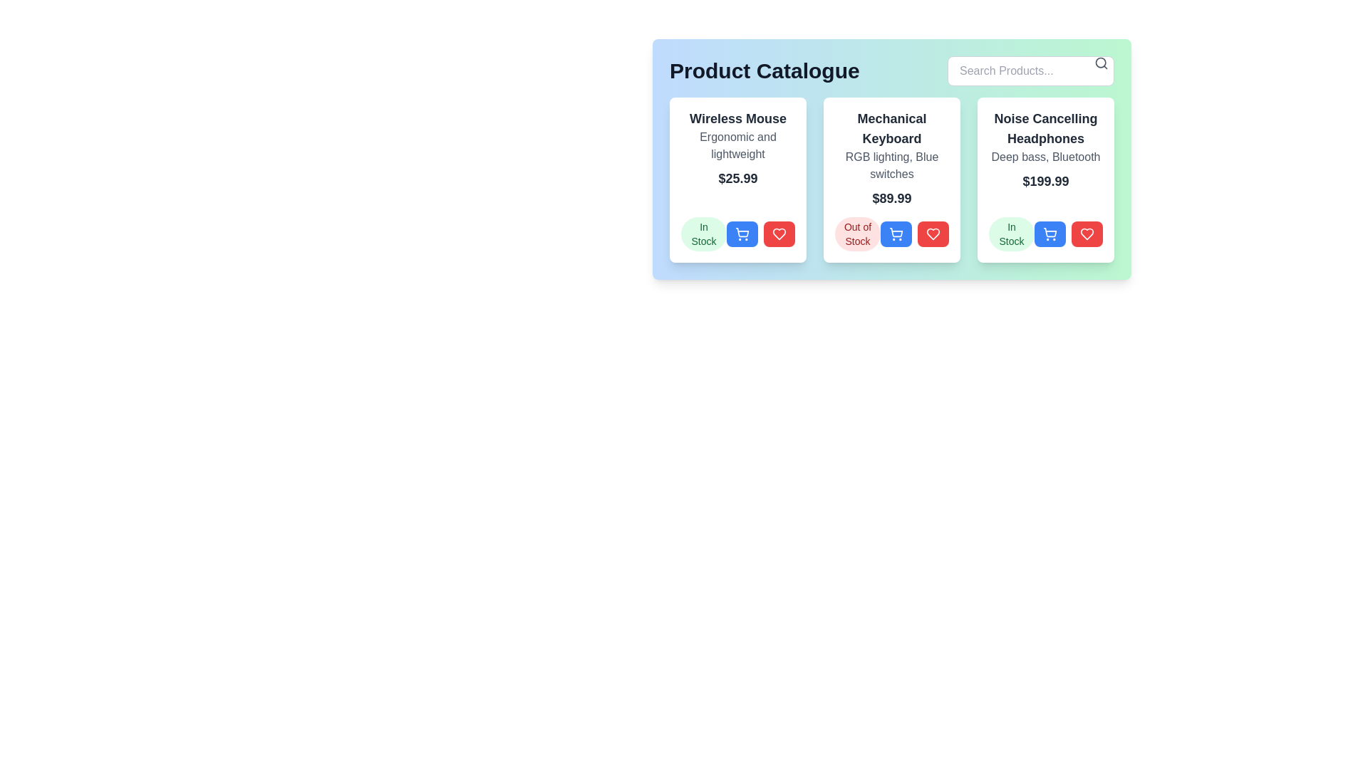  What do you see at coordinates (1087, 233) in the screenshot?
I see `the 'favorite' toggle button located in the bottom right of the third product card for 'Noise Cancelling Headphones' to mark it as favorite or unfavorite` at bounding box center [1087, 233].